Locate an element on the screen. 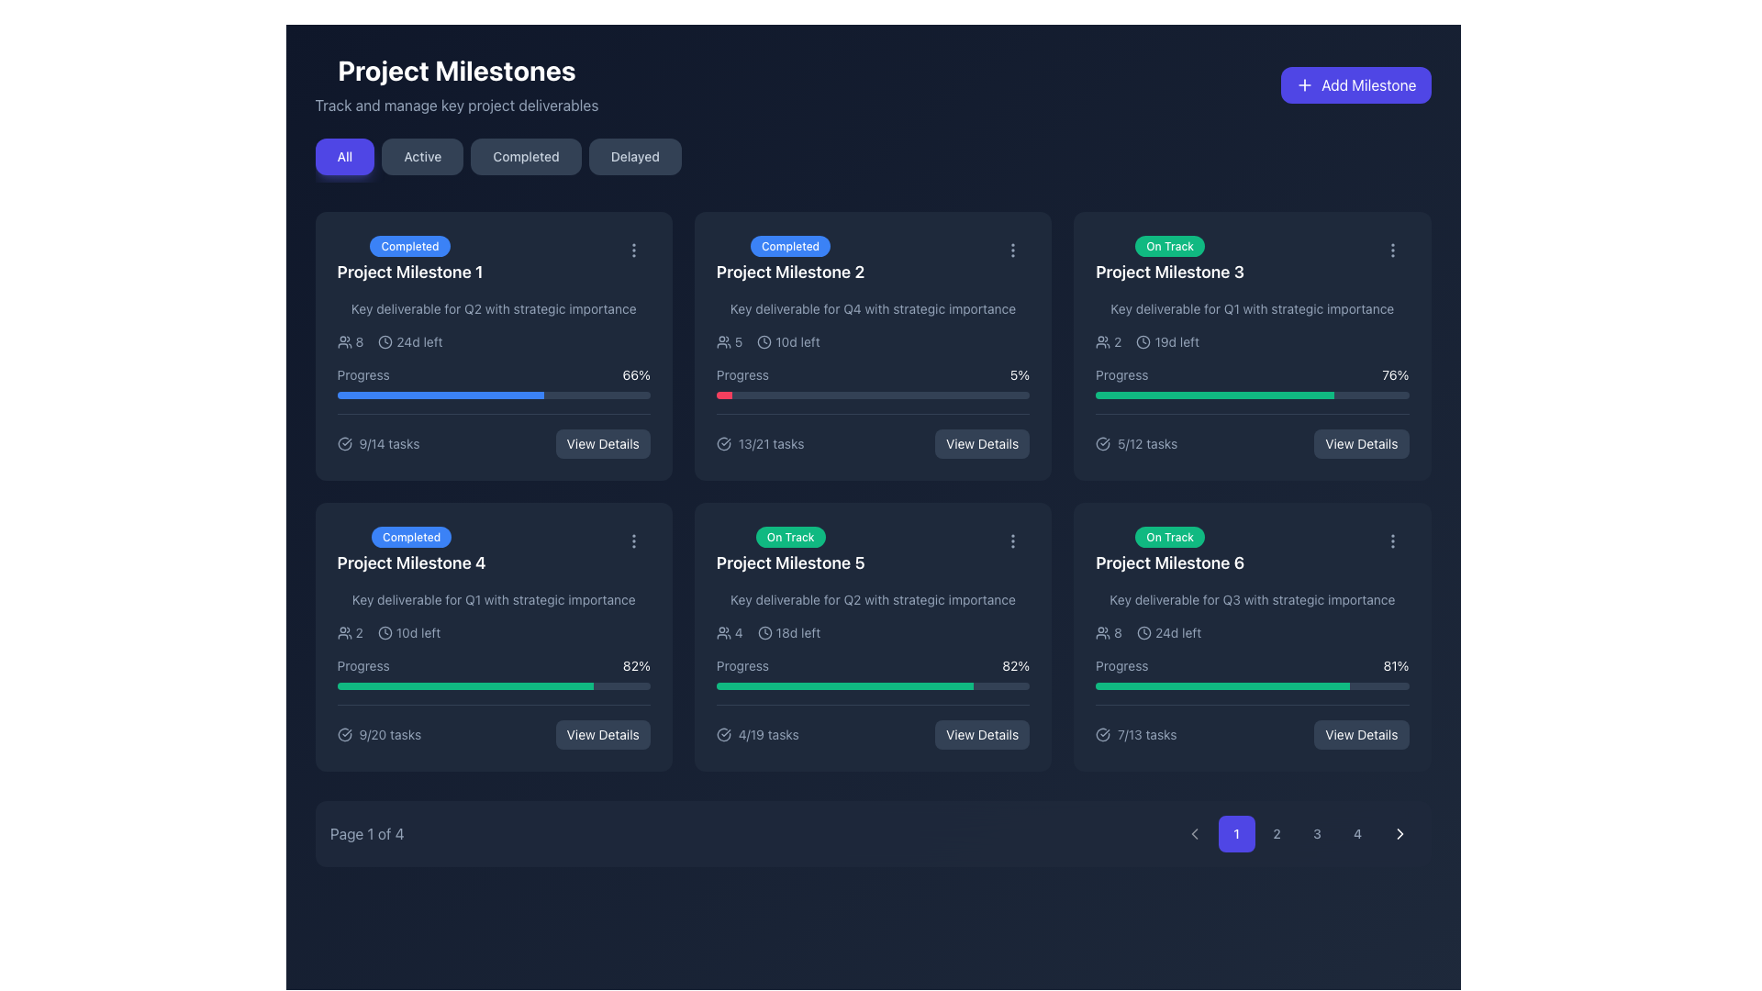 The width and height of the screenshot is (1762, 991). the 'Active' button, which is the second button in the horizontal group below 'Project Milestones' is located at coordinates (421, 155).